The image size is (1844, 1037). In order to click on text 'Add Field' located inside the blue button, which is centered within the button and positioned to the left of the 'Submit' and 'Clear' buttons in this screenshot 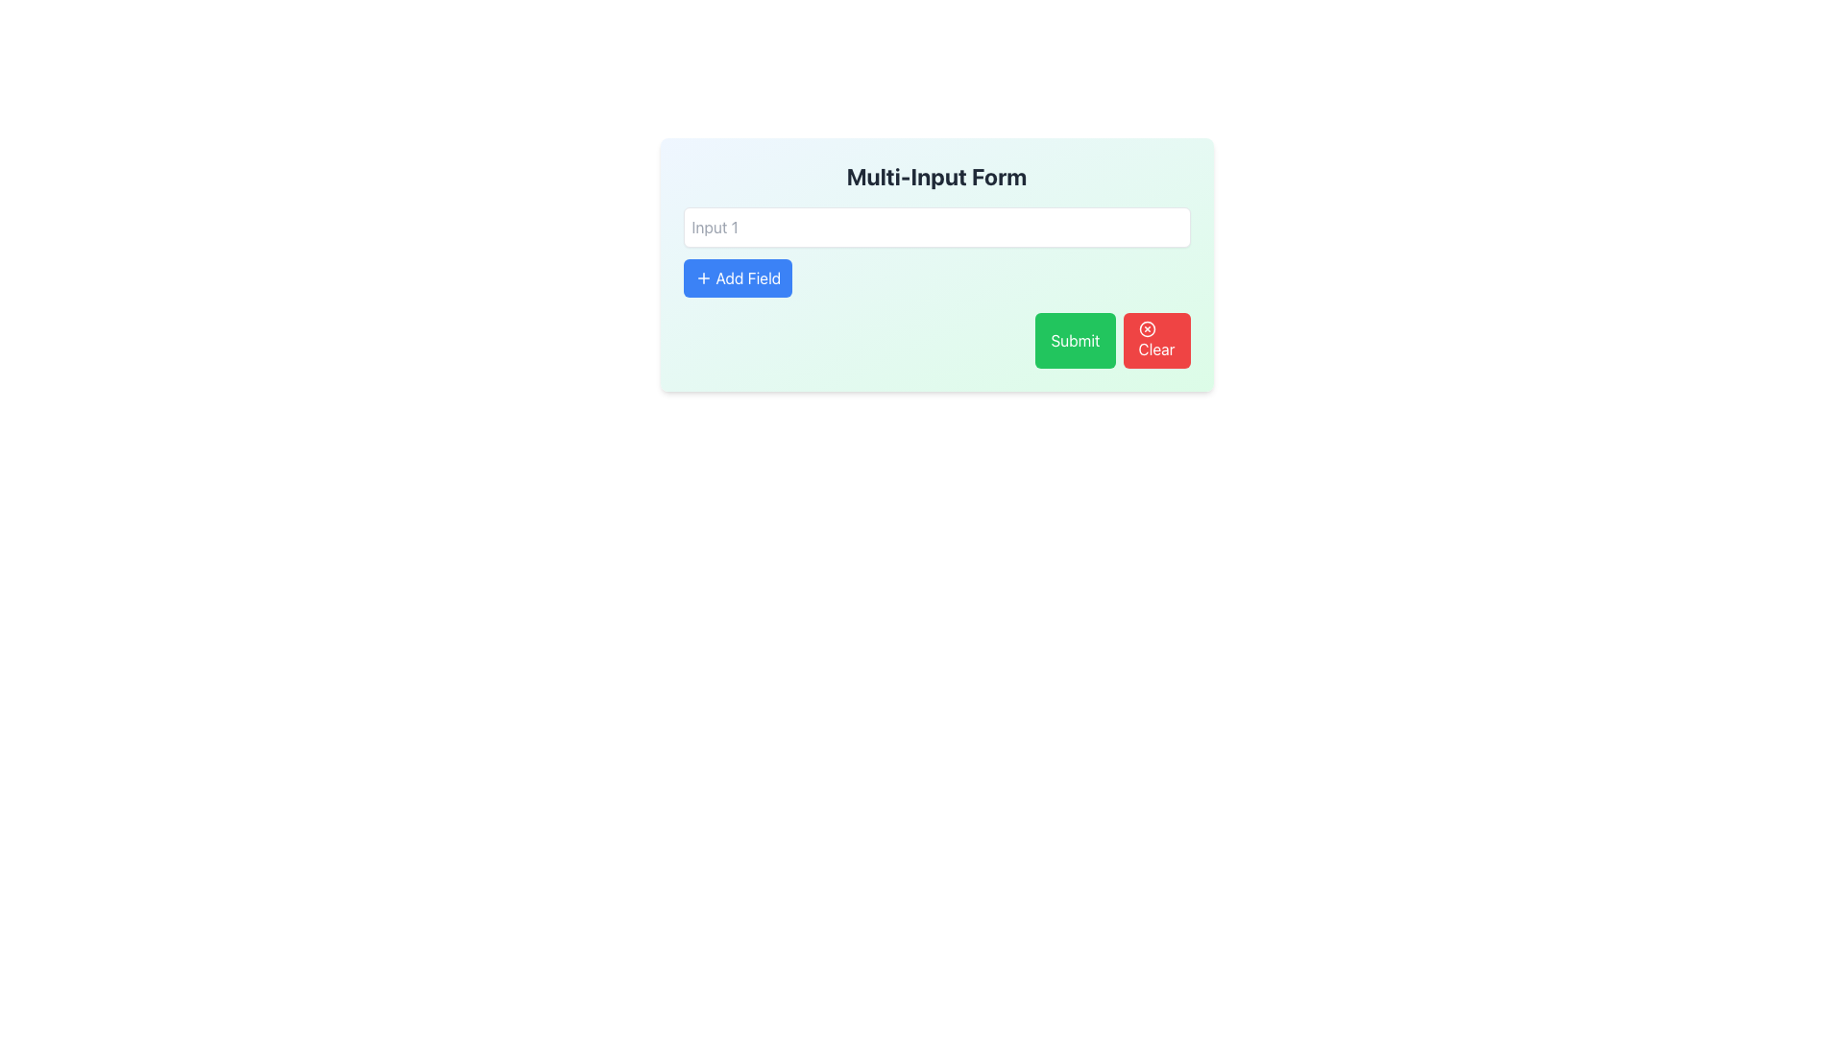, I will do `click(747, 277)`.